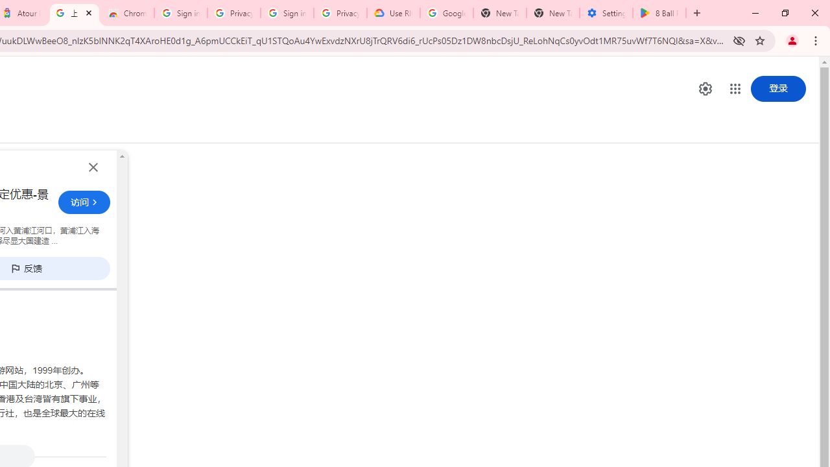 Image resolution: width=830 pixels, height=467 pixels. I want to click on 'Sign in - Google Accounts', so click(286, 13).